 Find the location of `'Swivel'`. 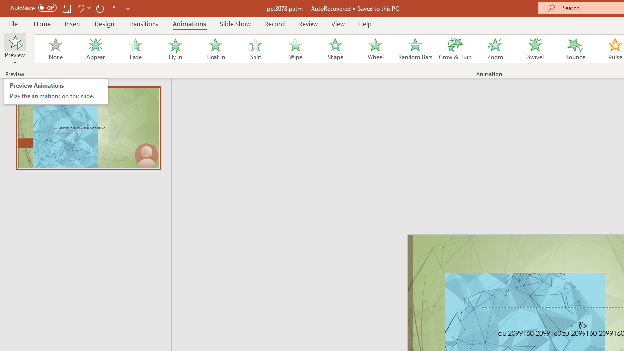

'Swivel' is located at coordinates (535, 49).